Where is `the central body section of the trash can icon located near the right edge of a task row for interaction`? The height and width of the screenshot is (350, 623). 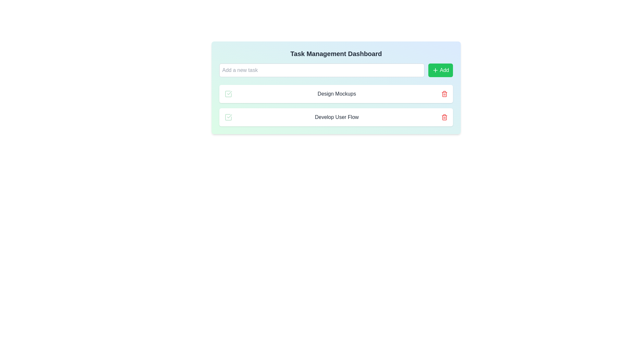 the central body section of the trash can icon located near the right edge of a task row for interaction is located at coordinates (444, 117).